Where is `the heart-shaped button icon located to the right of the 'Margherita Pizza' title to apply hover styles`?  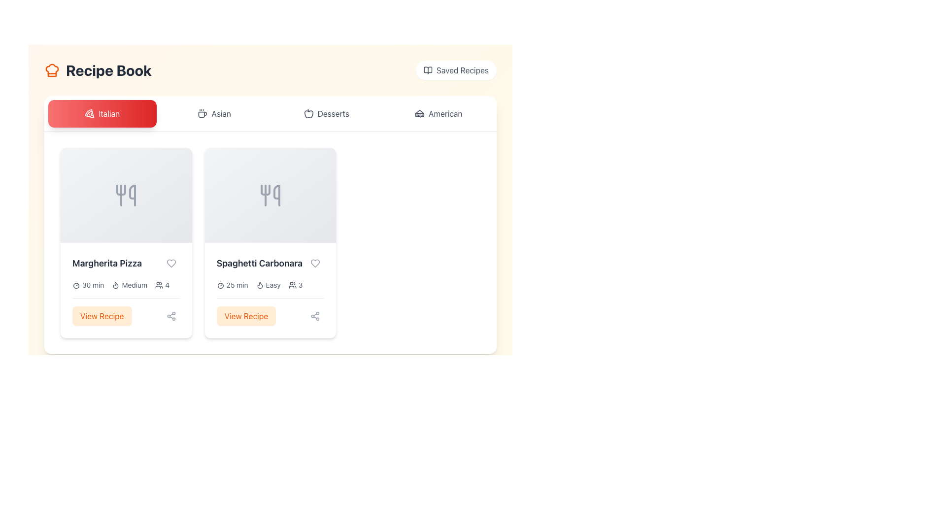 the heart-shaped button icon located to the right of the 'Margherita Pizza' title to apply hover styles is located at coordinates (171, 263).